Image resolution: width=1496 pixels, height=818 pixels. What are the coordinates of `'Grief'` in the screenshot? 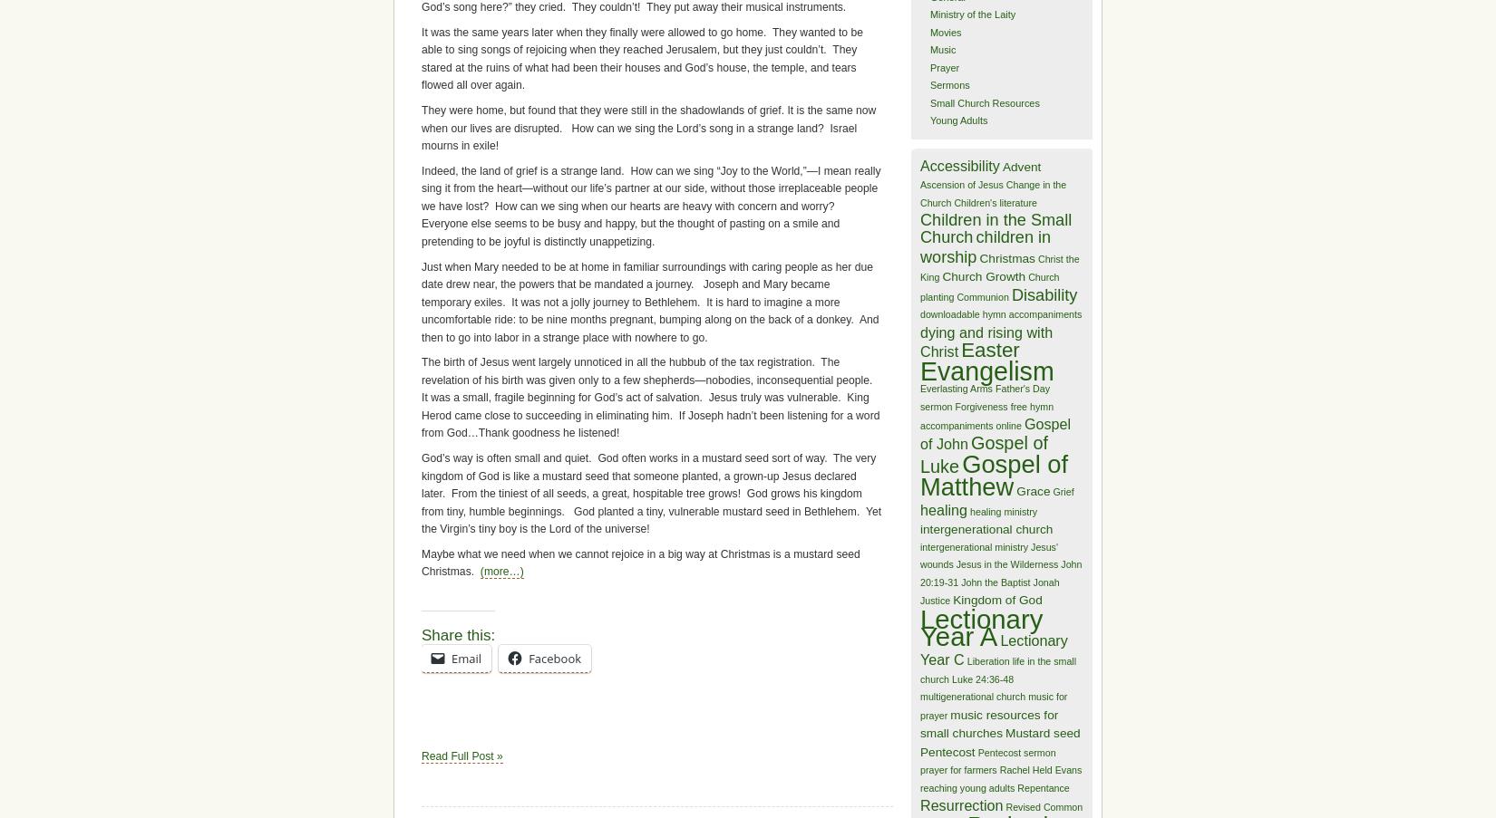 It's located at (1063, 490).